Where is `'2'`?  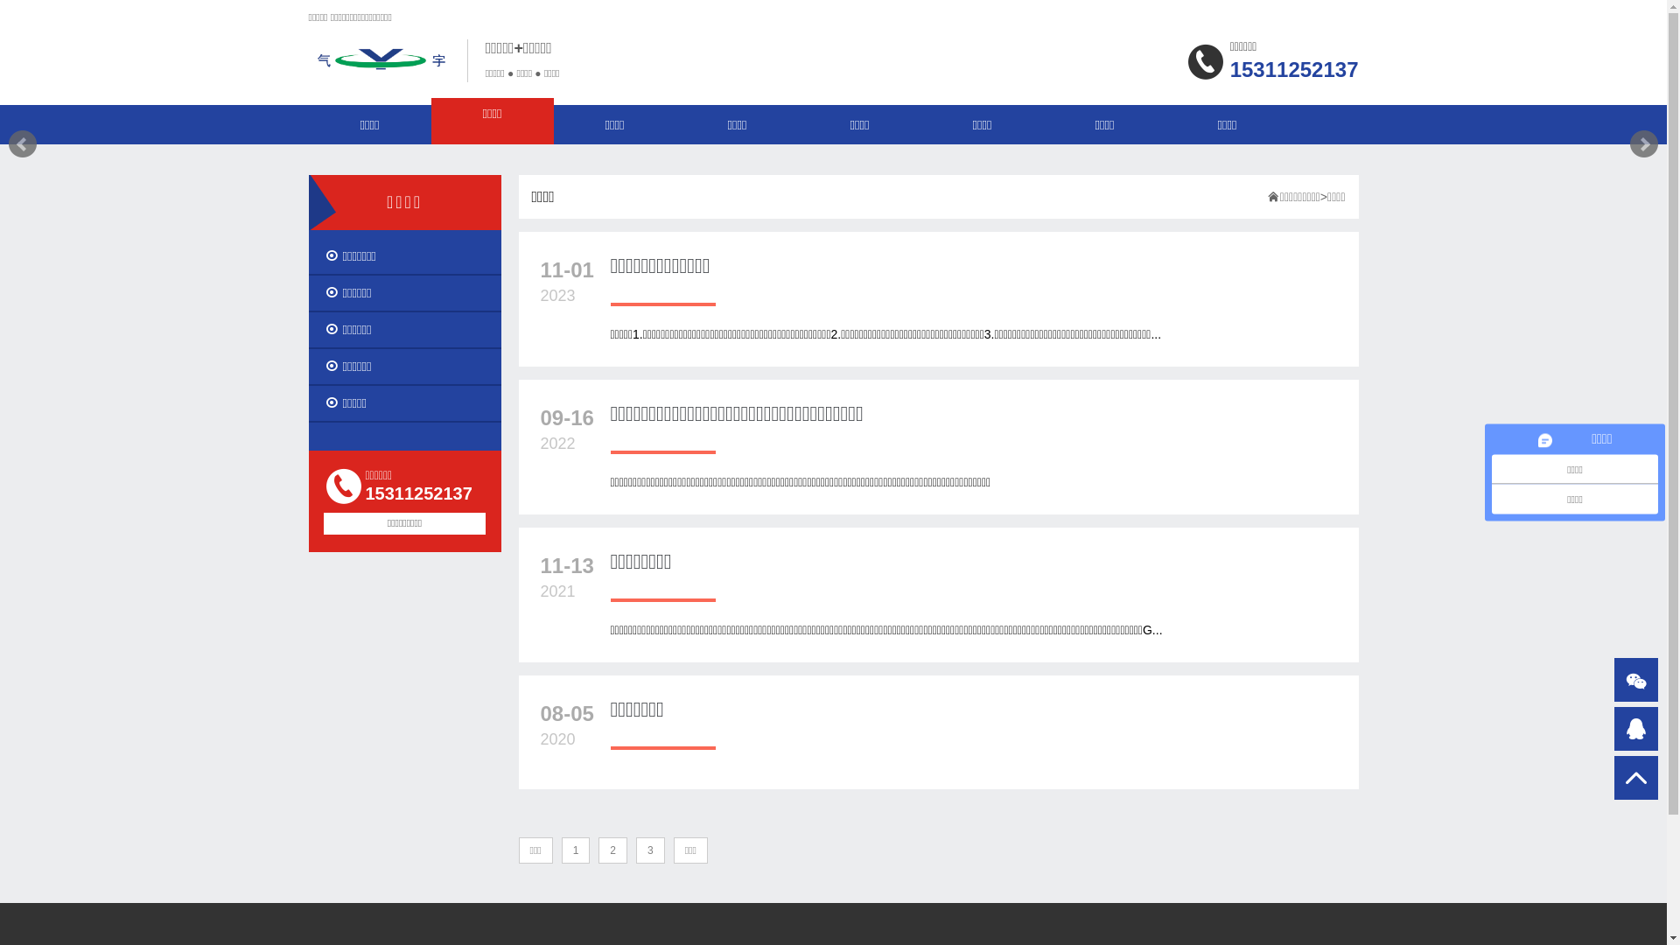 '2' is located at coordinates (612, 850).